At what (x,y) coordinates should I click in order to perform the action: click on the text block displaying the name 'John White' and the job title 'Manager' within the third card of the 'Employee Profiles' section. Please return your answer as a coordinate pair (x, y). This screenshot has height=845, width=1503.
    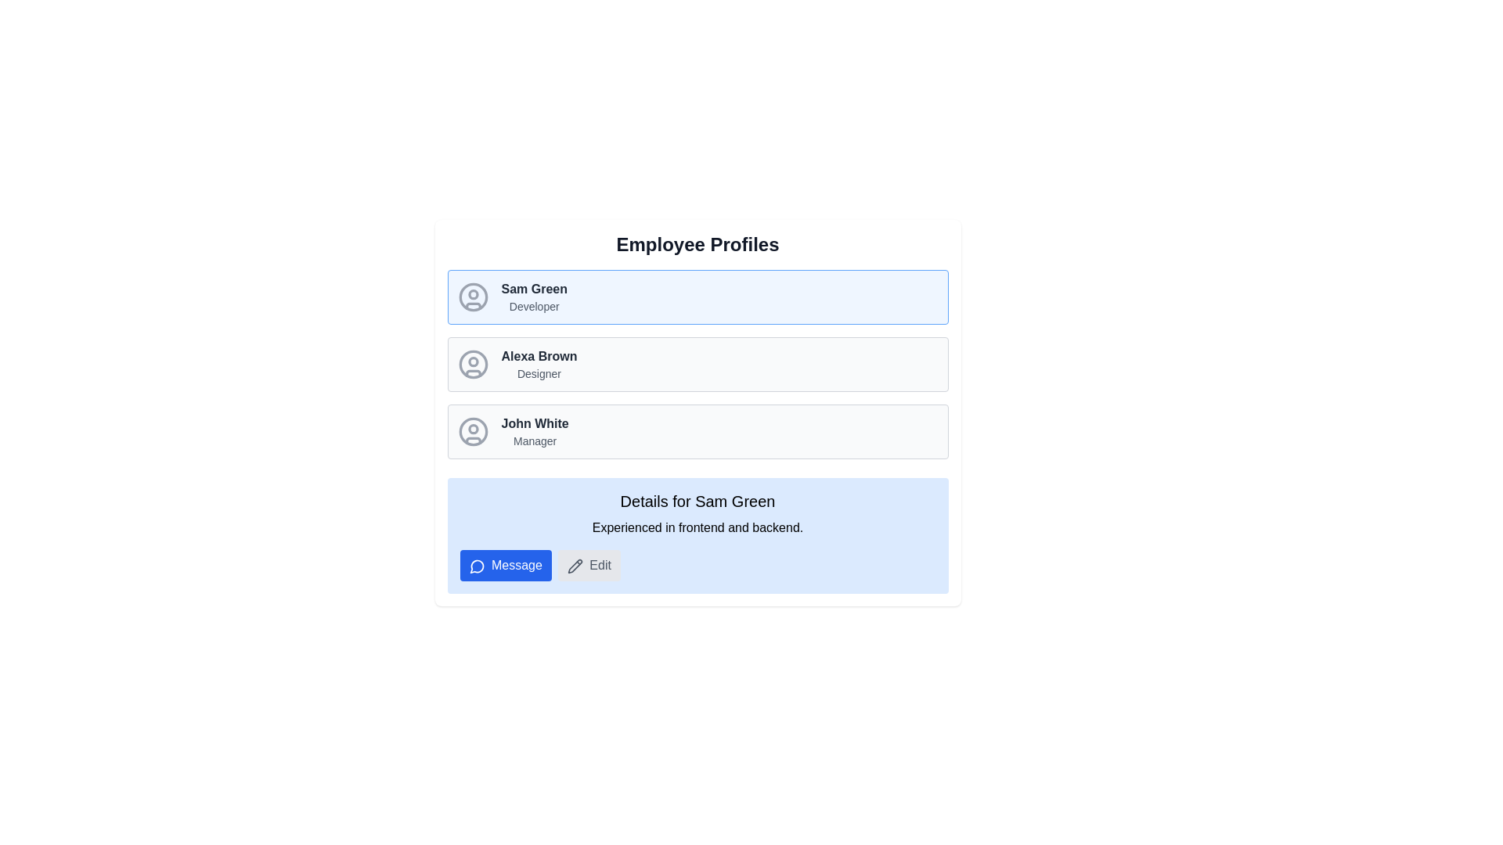
    Looking at the image, I should click on (535, 431).